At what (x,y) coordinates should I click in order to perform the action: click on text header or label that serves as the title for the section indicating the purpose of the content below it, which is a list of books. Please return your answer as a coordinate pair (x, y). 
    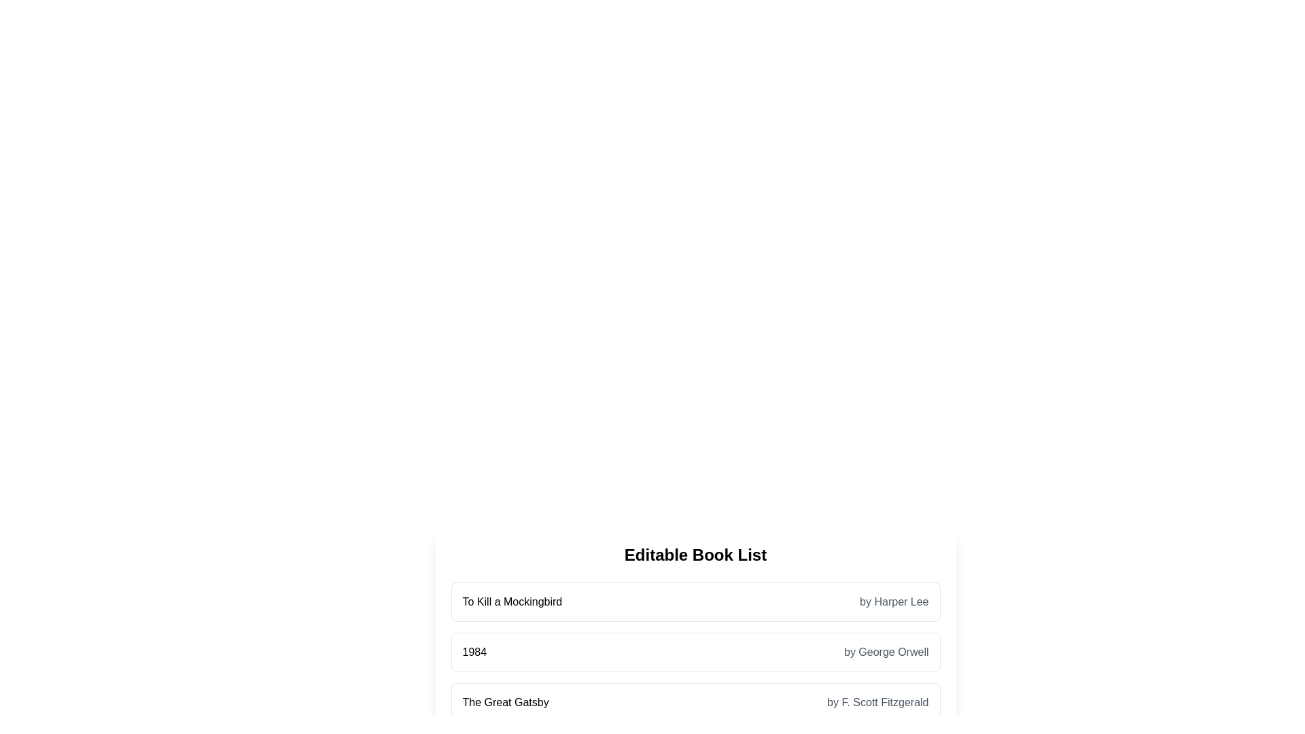
    Looking at the image, I should click on (695, 555).